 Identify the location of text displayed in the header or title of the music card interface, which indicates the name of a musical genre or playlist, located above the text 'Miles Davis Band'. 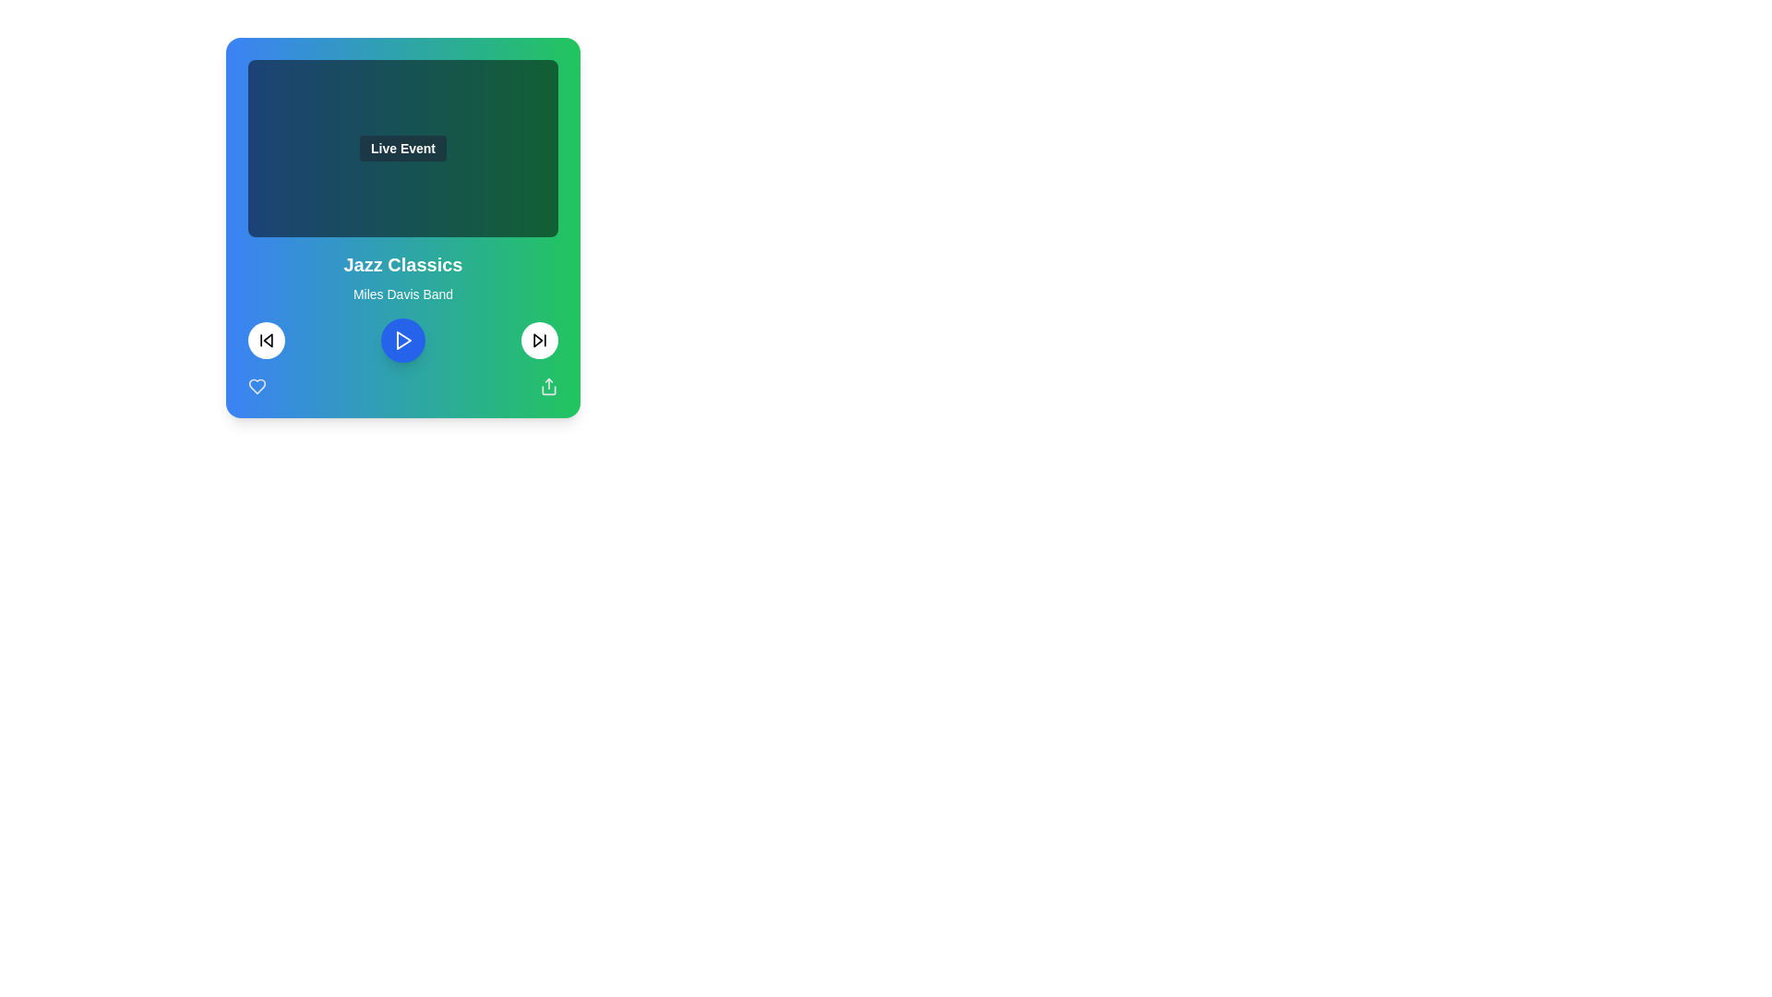
(401, 264).